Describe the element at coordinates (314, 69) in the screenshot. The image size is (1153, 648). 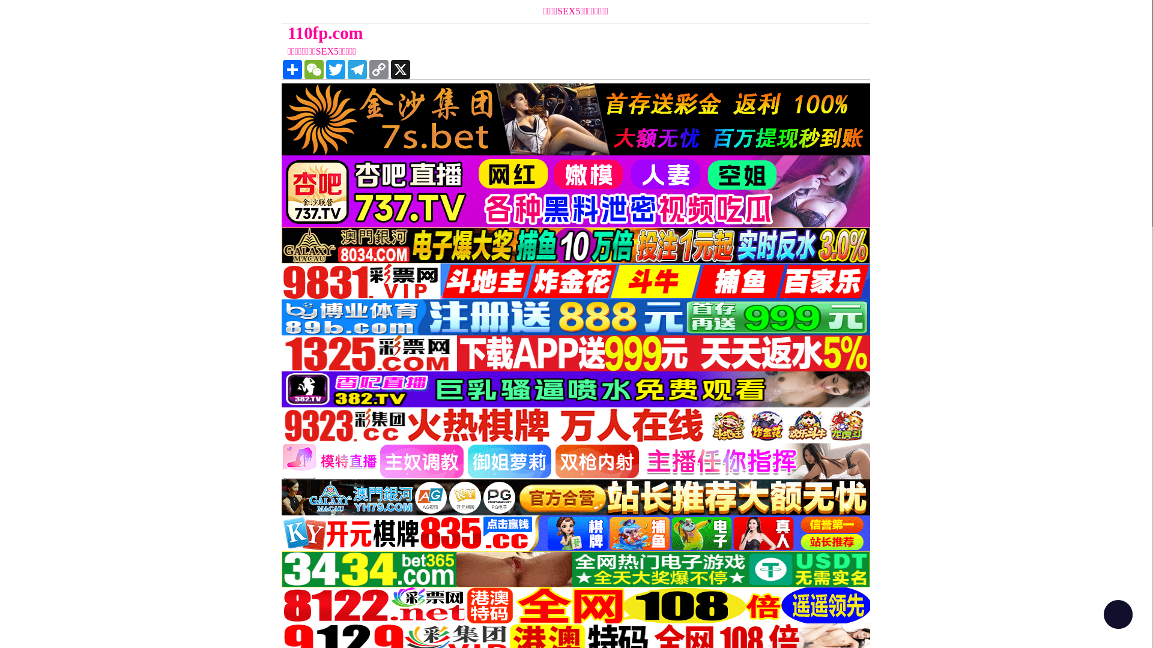
I see `'WeChat'` at that location.